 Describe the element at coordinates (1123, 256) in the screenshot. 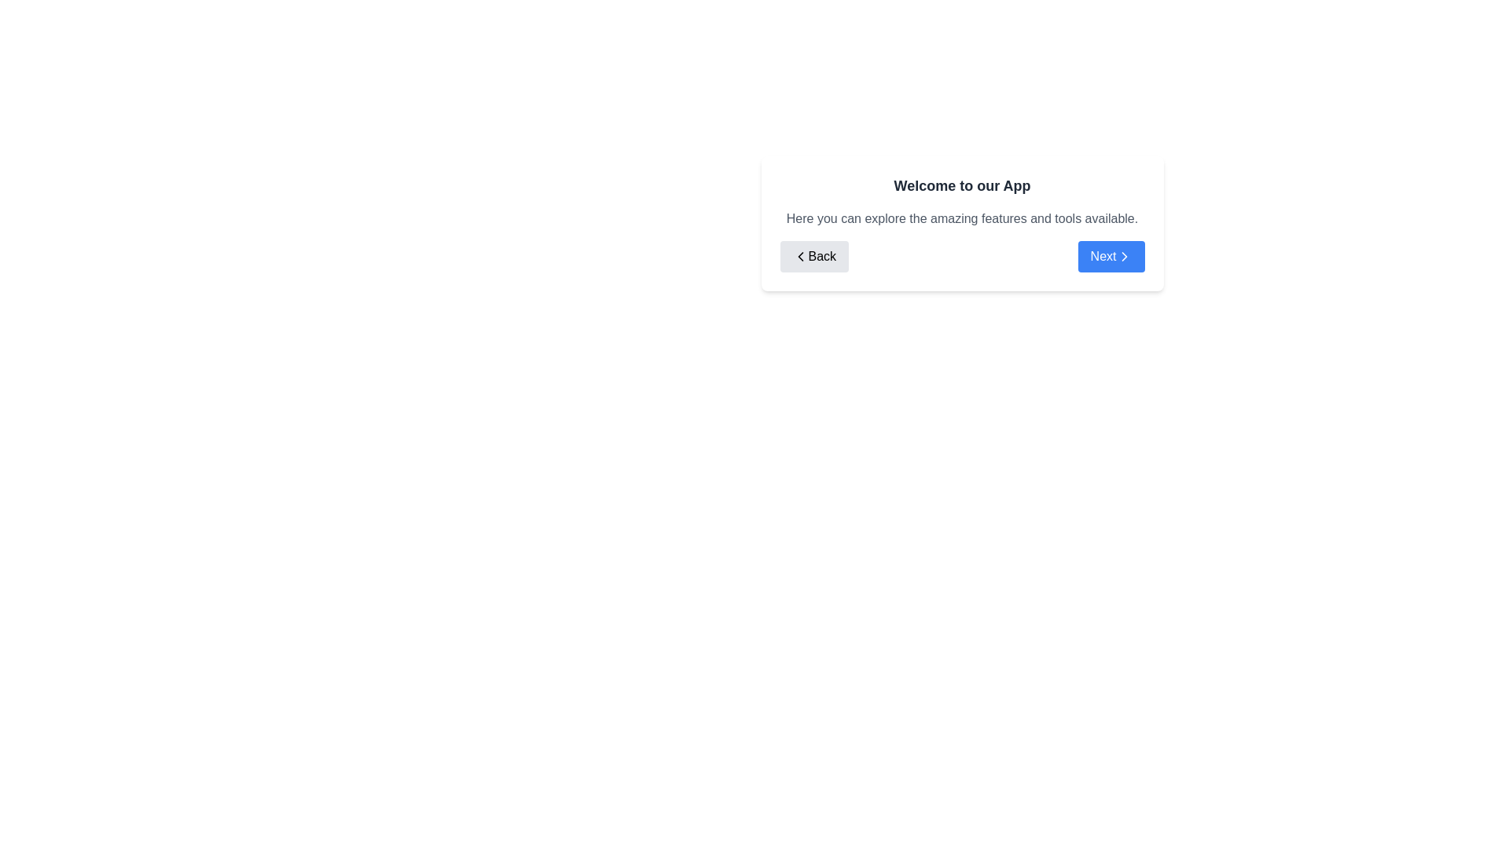

I see `the right-pointing chevron arrow SVG icon inside the 'Next' button, which is located on the right side of the modal window` at that location.